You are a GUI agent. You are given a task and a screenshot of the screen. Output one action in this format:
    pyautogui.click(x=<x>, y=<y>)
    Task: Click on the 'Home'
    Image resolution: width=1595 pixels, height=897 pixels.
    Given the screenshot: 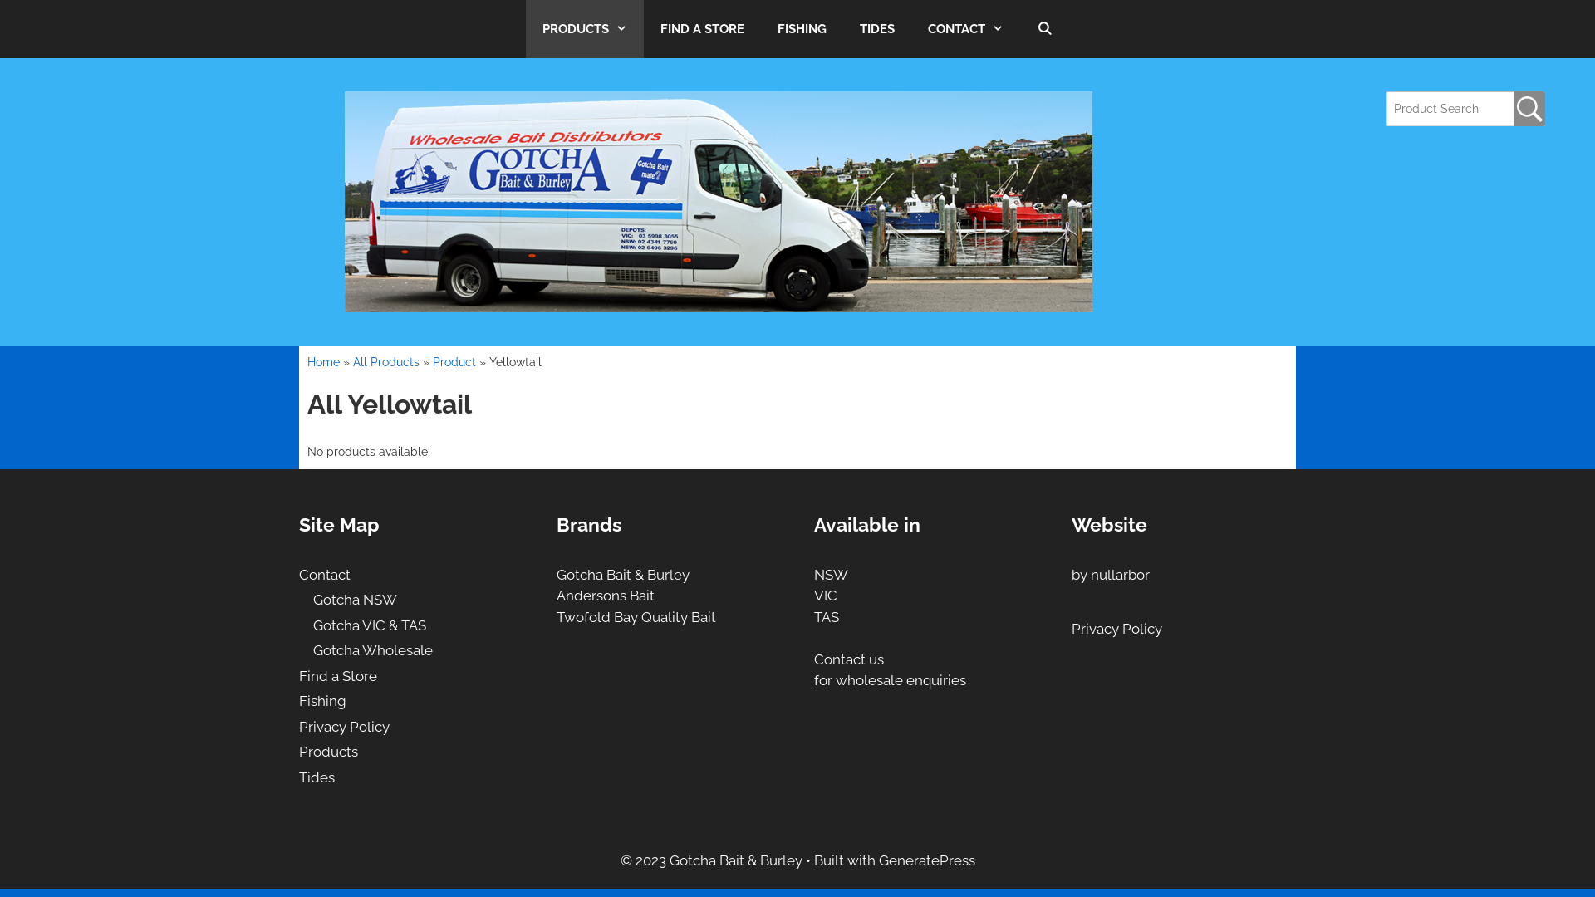 What is the action you would take?
    pyautogui.click(x=323, y=360)
    